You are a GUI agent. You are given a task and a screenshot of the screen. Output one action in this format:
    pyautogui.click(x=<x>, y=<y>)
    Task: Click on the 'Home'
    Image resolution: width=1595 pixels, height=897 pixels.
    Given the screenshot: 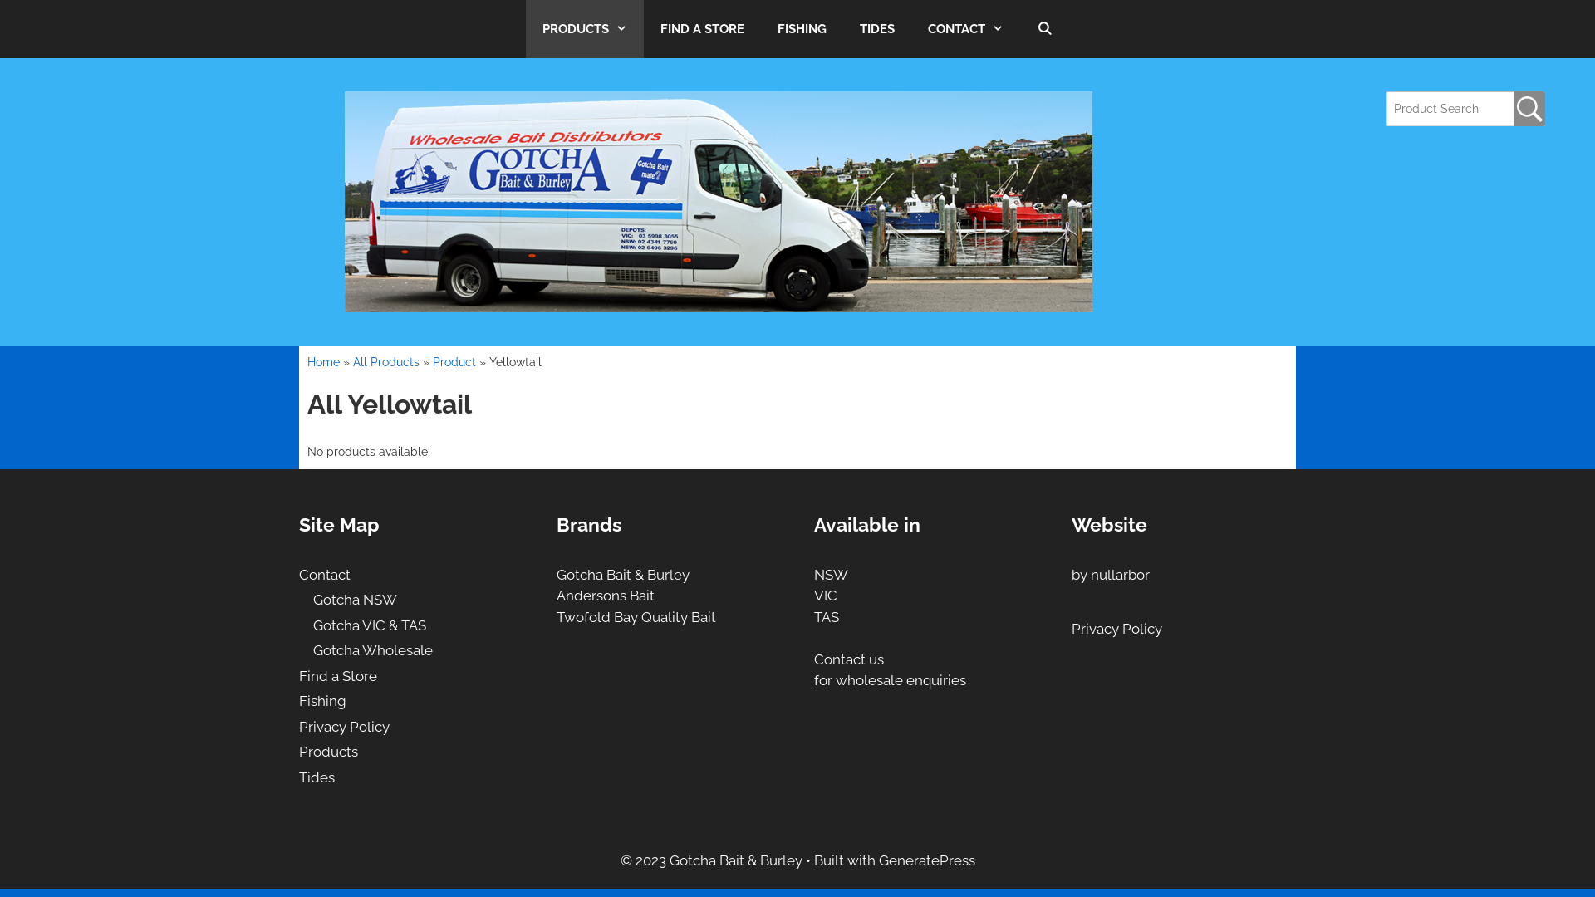 What is the action you would take?
    pyautogui.click(x=323, y=360)
    